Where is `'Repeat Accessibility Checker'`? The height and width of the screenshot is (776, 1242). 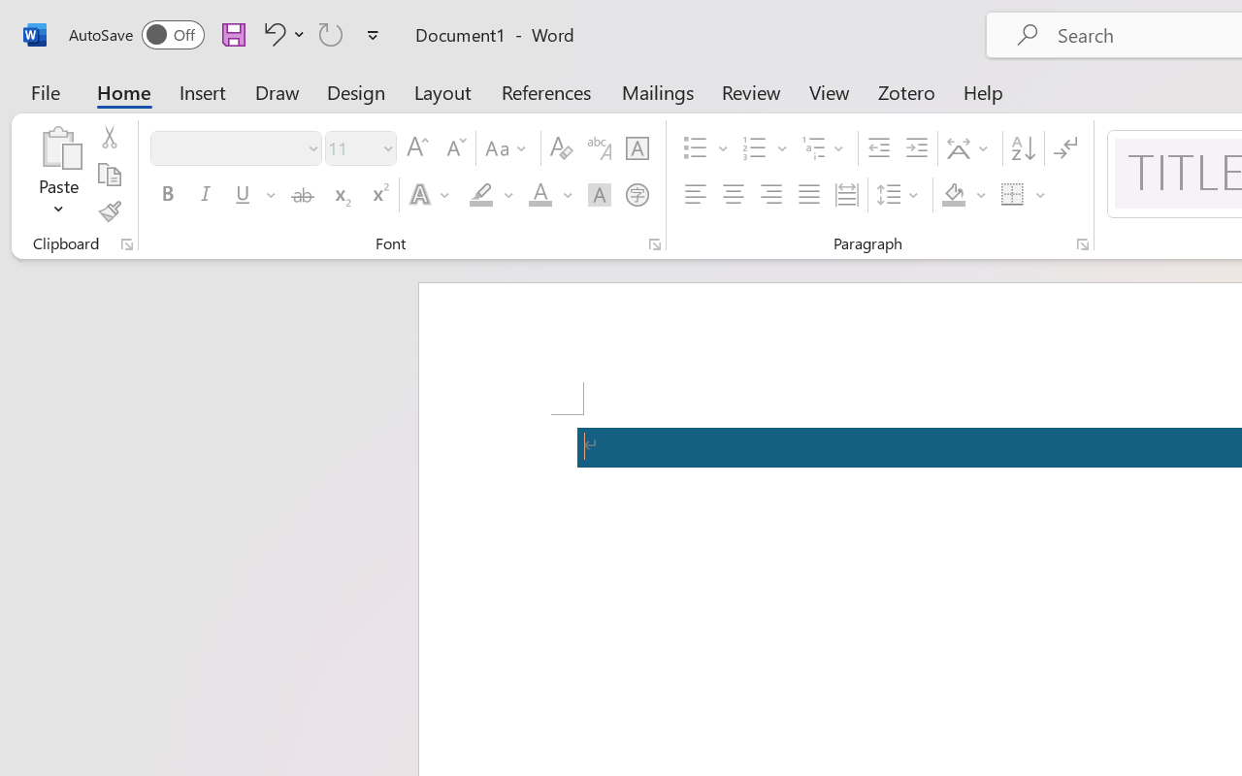
'Repeat Accessibility Checker' is located at coordinates (331, 33).